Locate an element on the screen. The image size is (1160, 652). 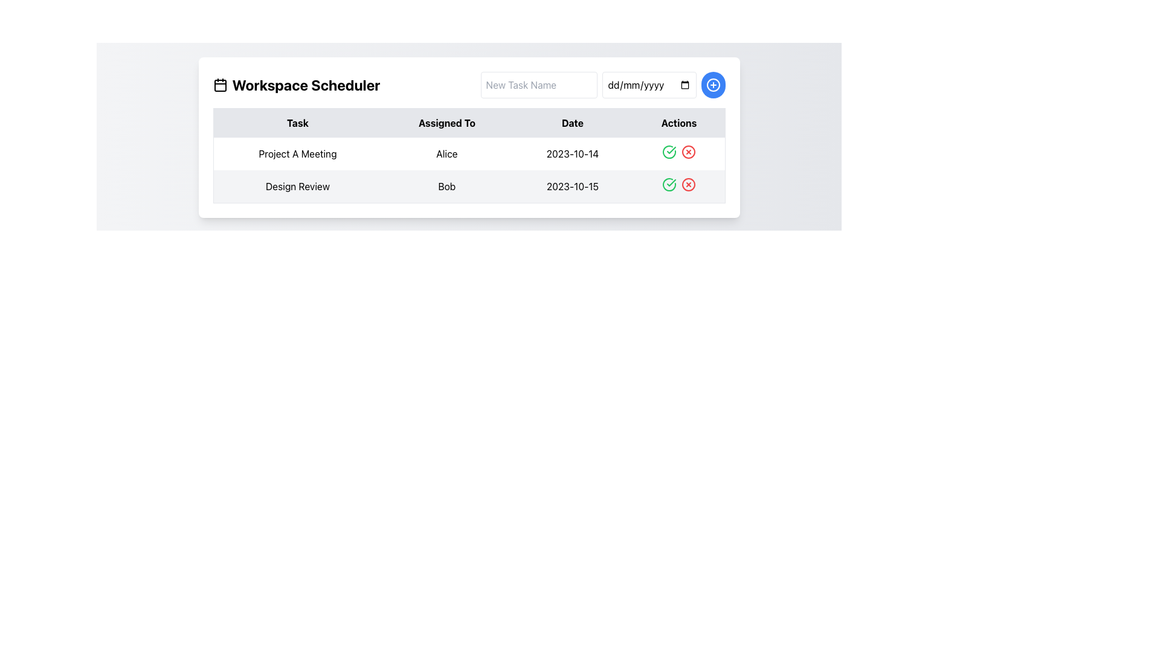
the Static text element labeled 'Task', which is the leftmost column header in the table, distinguished by its bold font and light gray background is located at coordinates (297, 123).